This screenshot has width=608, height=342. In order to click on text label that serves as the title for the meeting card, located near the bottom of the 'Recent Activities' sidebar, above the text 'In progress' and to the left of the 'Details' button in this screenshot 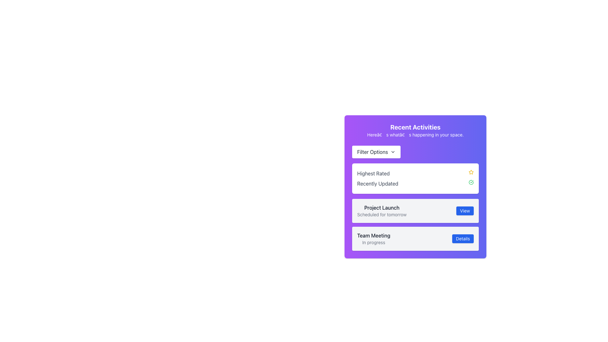, I will do `click(374, 236)`.